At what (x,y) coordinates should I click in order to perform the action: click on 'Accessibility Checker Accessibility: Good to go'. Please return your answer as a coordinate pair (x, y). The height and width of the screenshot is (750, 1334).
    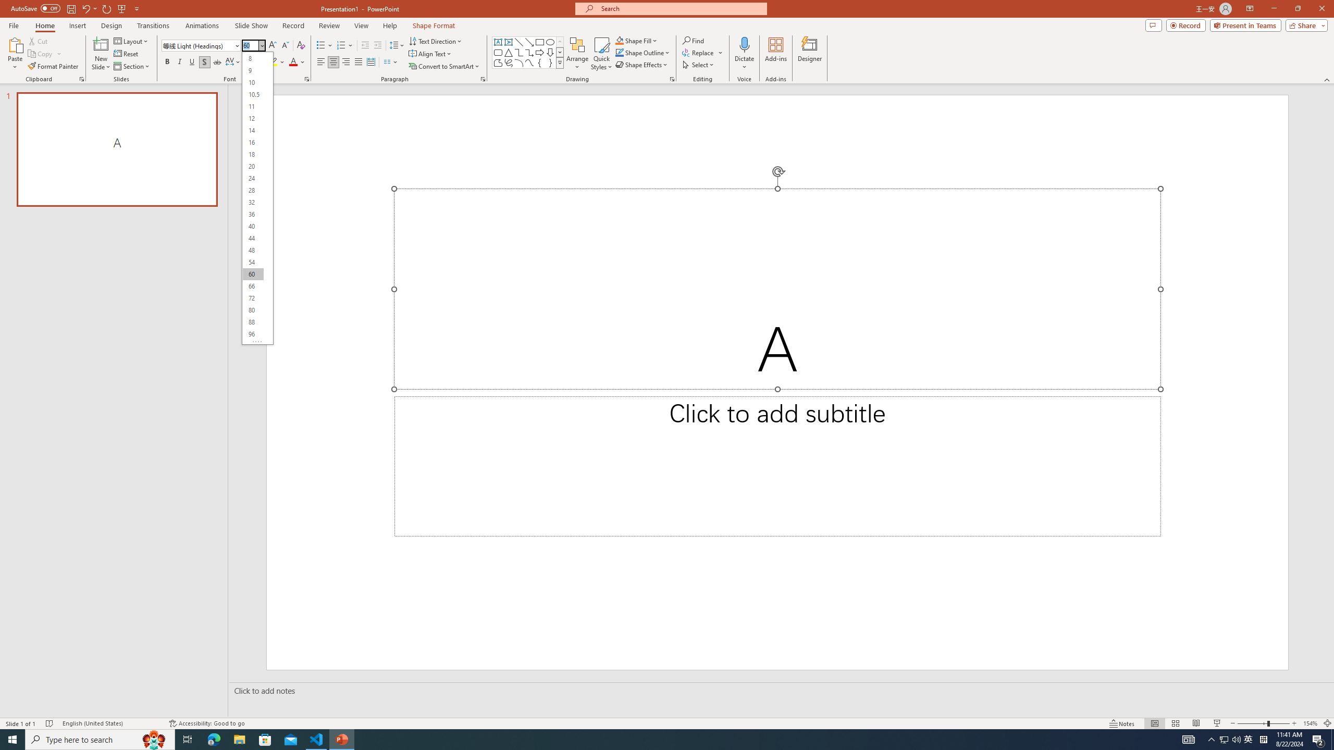
    Looking at the image, I should click on (207, 723).